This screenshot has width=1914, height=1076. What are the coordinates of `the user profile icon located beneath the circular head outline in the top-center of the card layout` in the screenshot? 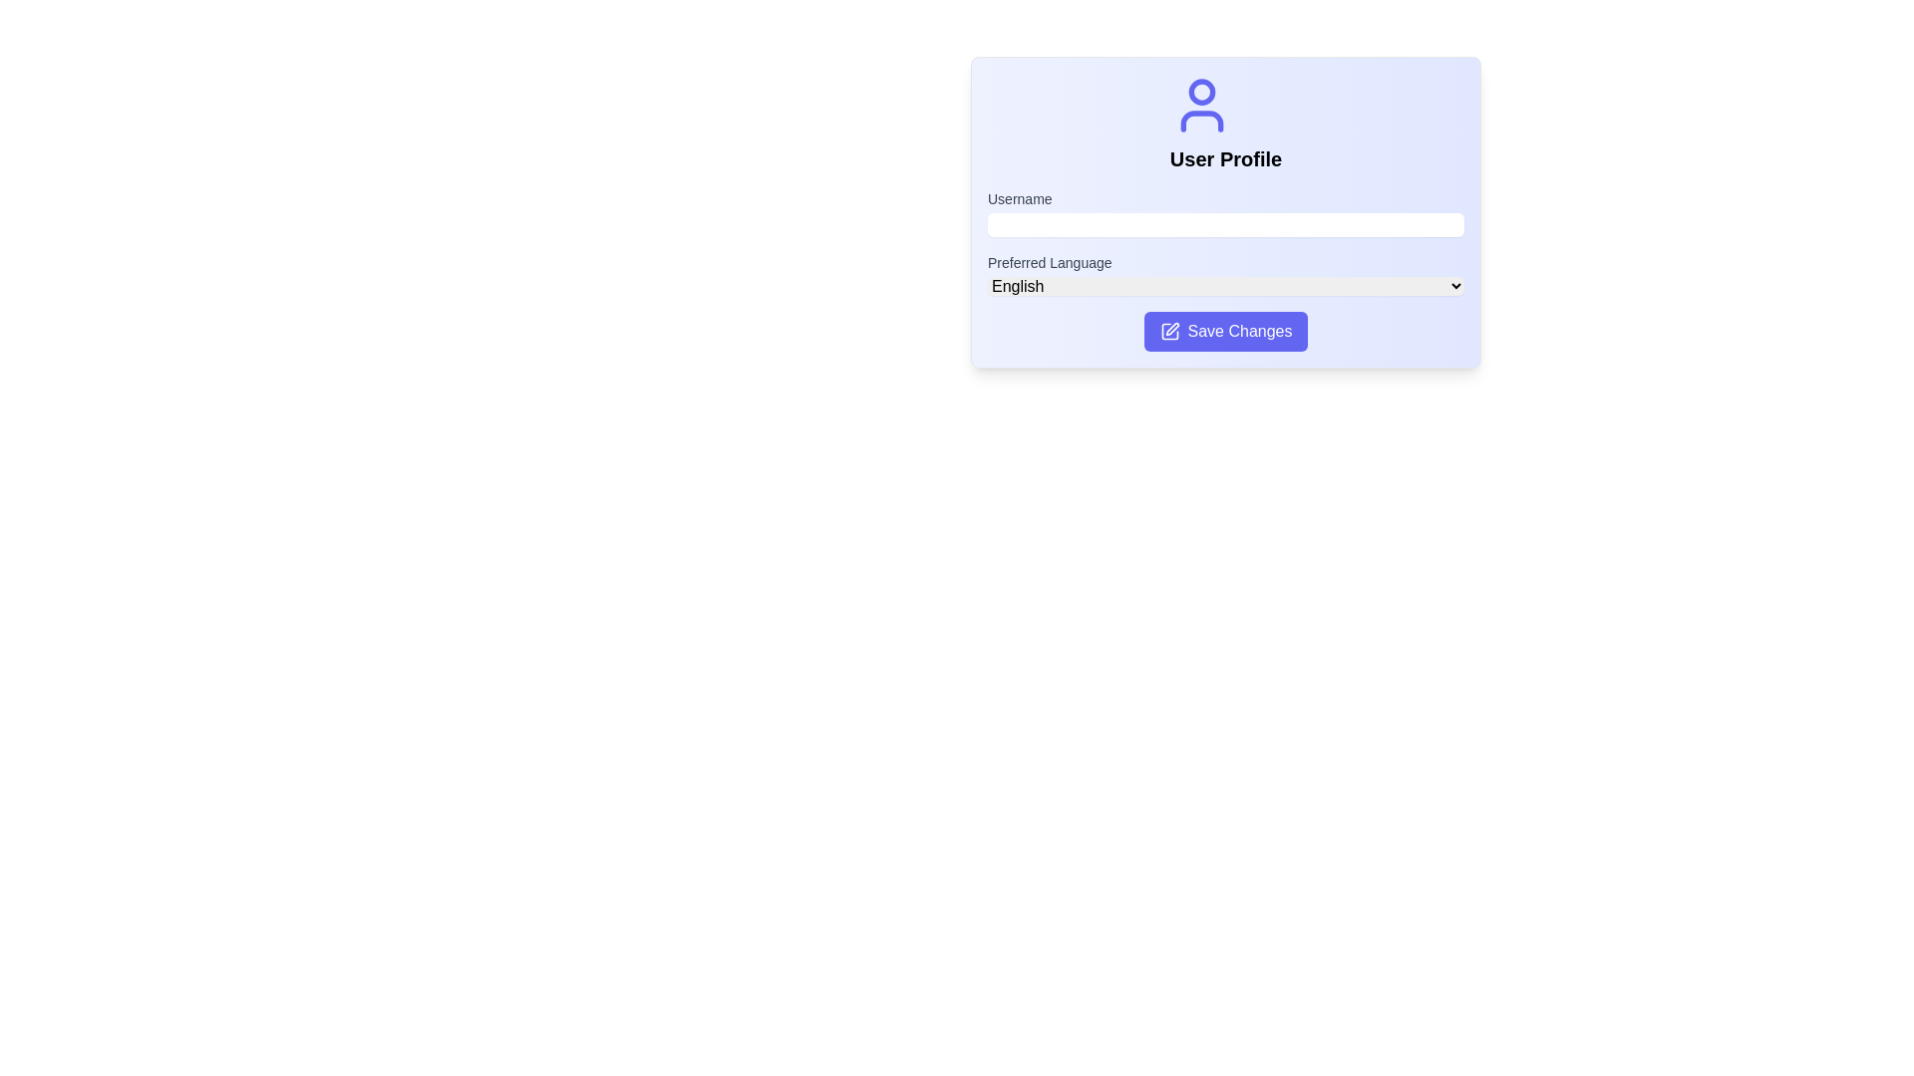 It's located at (1200, 122).